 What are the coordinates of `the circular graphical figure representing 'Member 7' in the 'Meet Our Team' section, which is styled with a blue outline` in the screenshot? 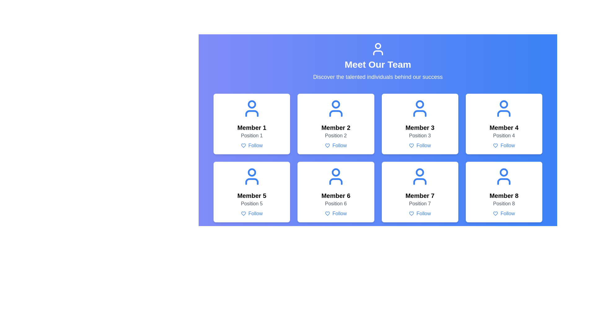 It's located at (420, 172).